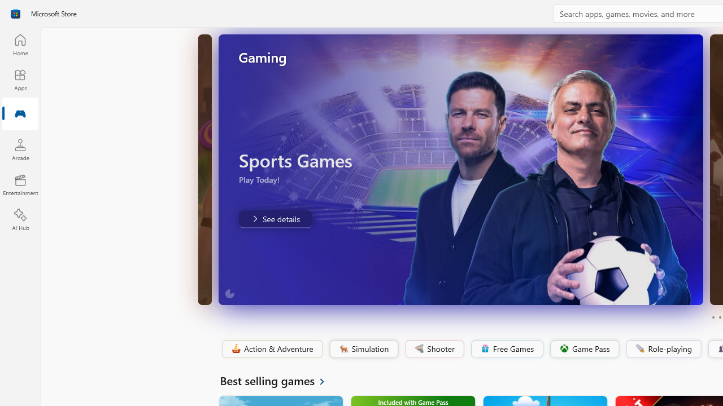  Describe the element at coordinates (583, 348) in the screenshot. I see `'Game Pass'` at that location.